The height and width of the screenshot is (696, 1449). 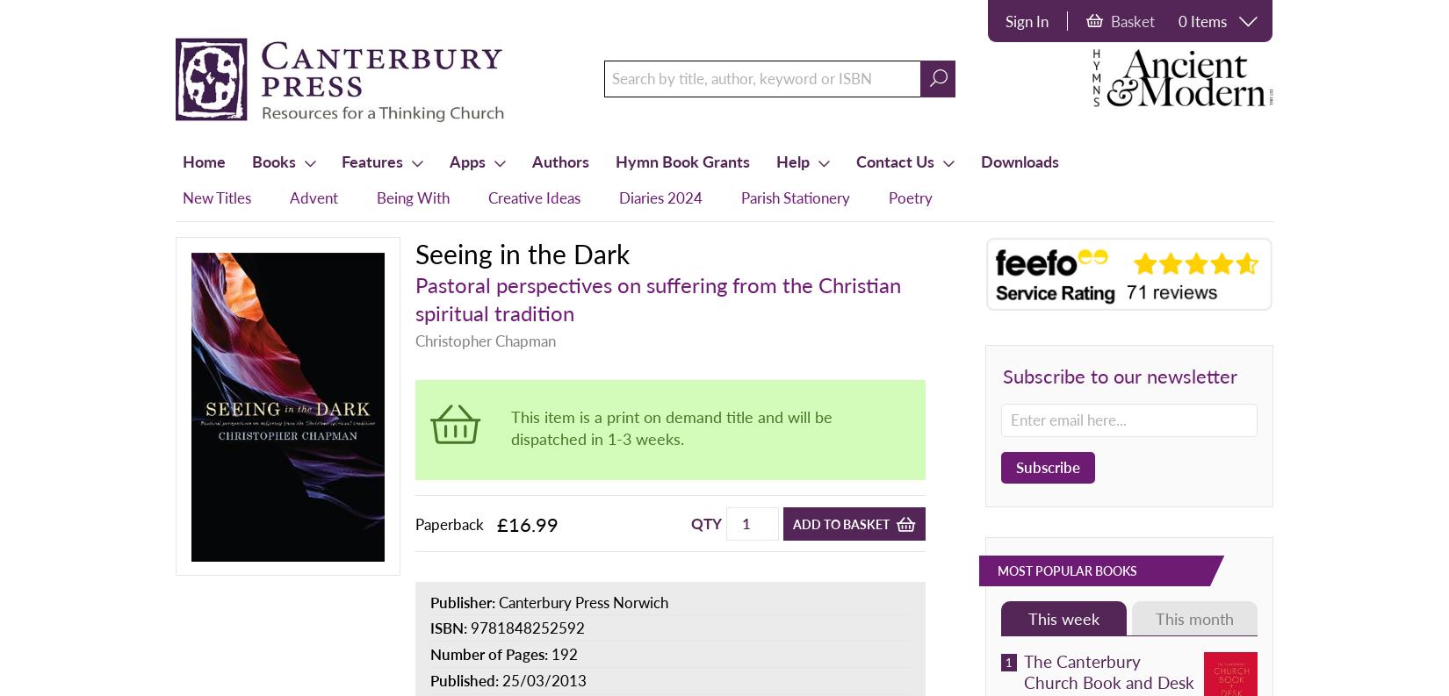 What do you see at coordinates (448, 523) in the screenshot?
I see `'Paperback'` at bounding box center [448, 523].